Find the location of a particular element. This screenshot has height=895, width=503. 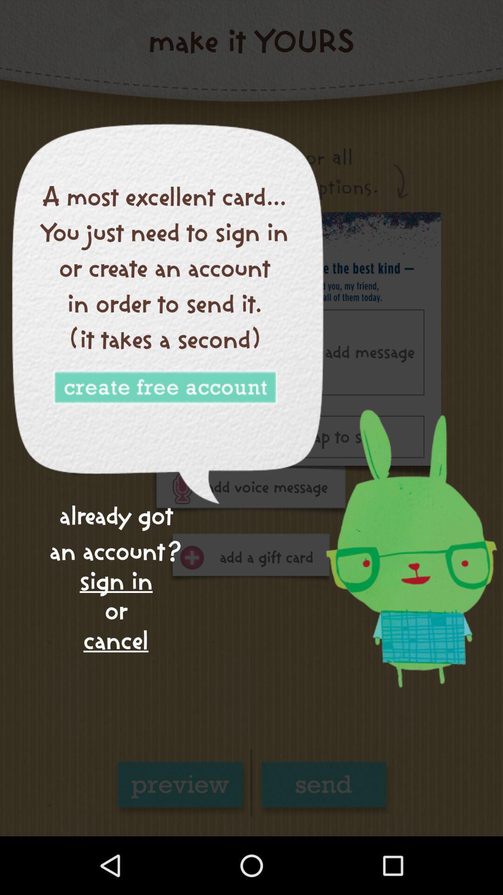

account is located at coordinates (164, 388).